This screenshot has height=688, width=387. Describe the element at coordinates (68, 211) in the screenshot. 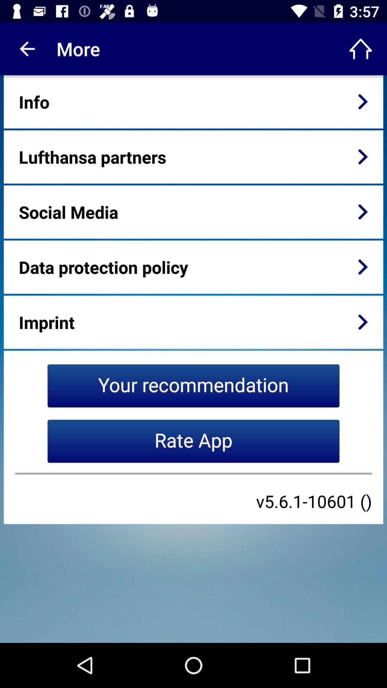

I see `social media icon` at that location.